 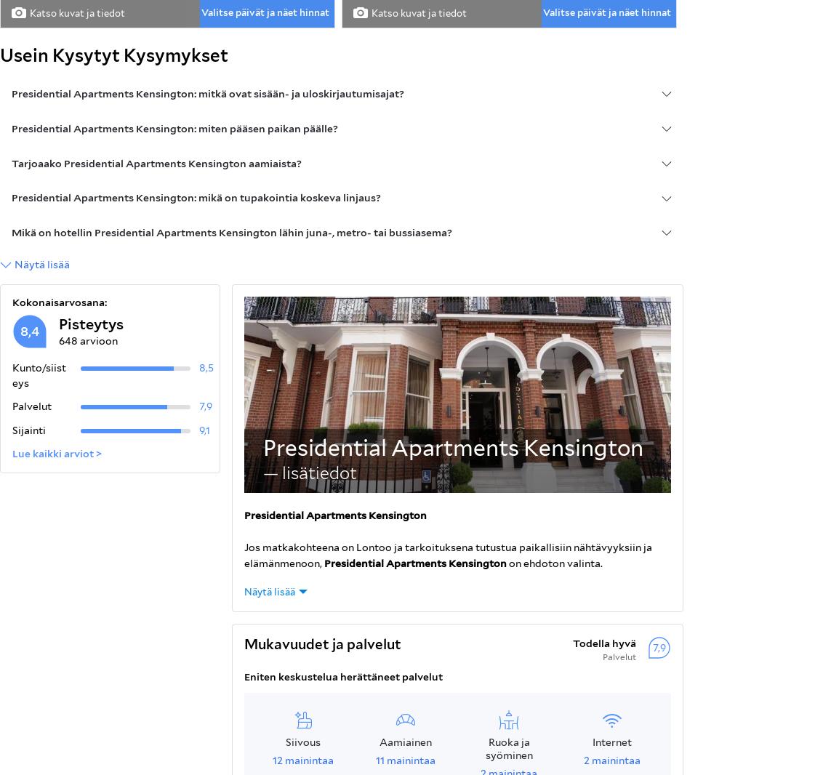 I want to click on '2 mainintaa', so click(x=584, y=759).